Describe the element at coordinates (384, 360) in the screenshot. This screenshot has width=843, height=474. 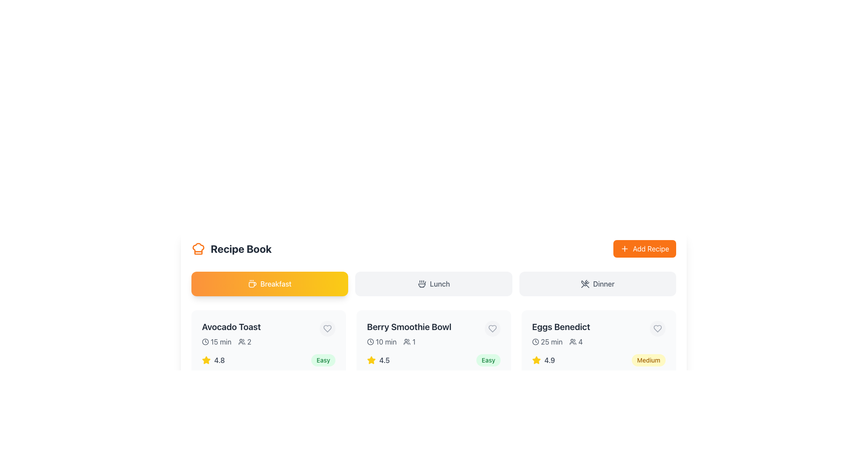
I see `the Text label that conveys the rating value for the 'Berry Smoothie Bowl' recipe, which is positioned to the right of the yellow star icon` at that location.